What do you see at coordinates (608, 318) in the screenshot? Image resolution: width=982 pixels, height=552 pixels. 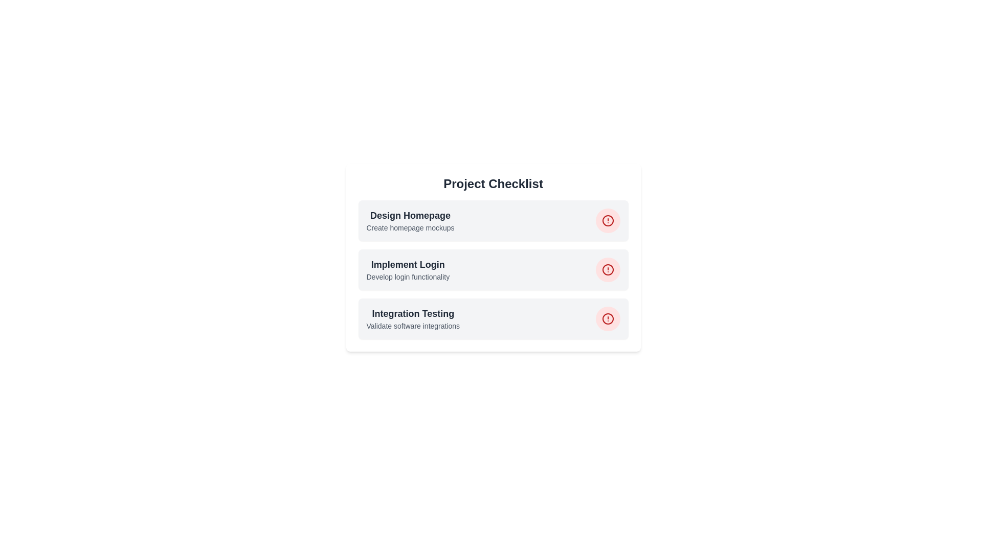 I see `the circular icon with a red alert symbol in the 'Integration Testing' checklist` at bounding box center [608, 318].